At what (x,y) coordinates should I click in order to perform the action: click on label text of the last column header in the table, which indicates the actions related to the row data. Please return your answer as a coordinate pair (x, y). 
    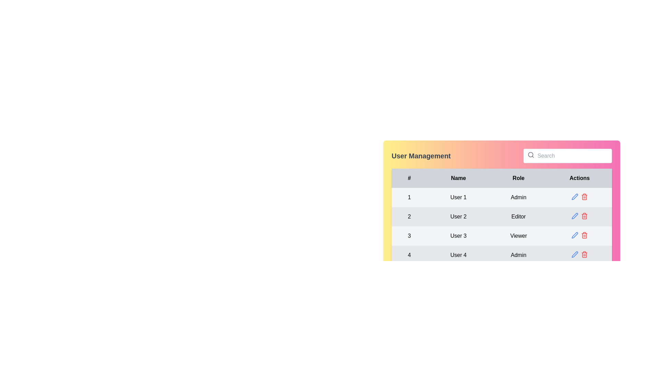
    Looking at the image, I should click on (579, 178).